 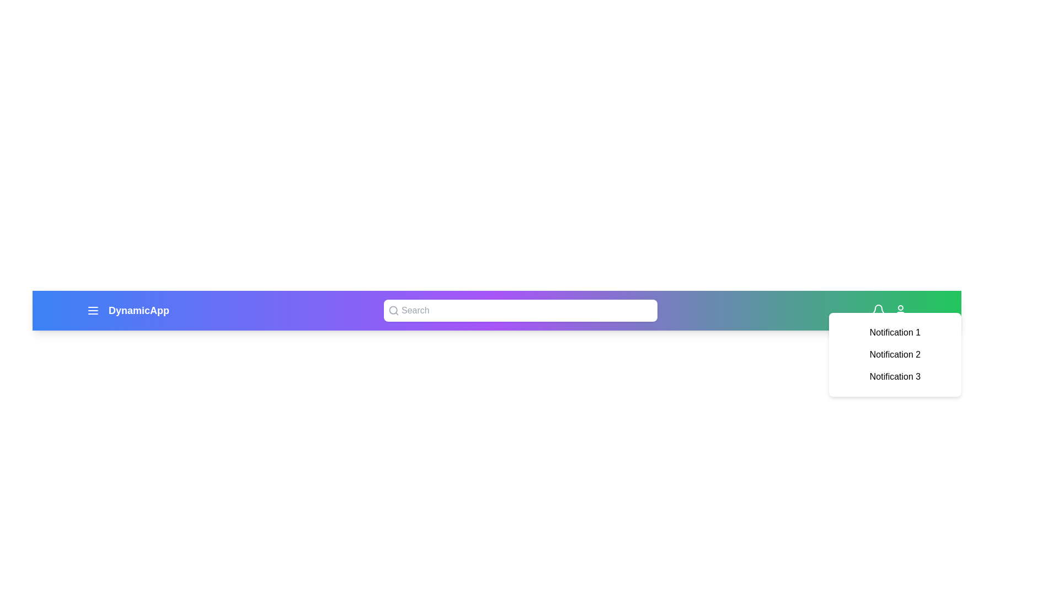 What do you see at coordinates (878, 311) in the screenshot?
I see `the bell icon to toggle the notifications panel visibility` at bounding box center [878, 311].